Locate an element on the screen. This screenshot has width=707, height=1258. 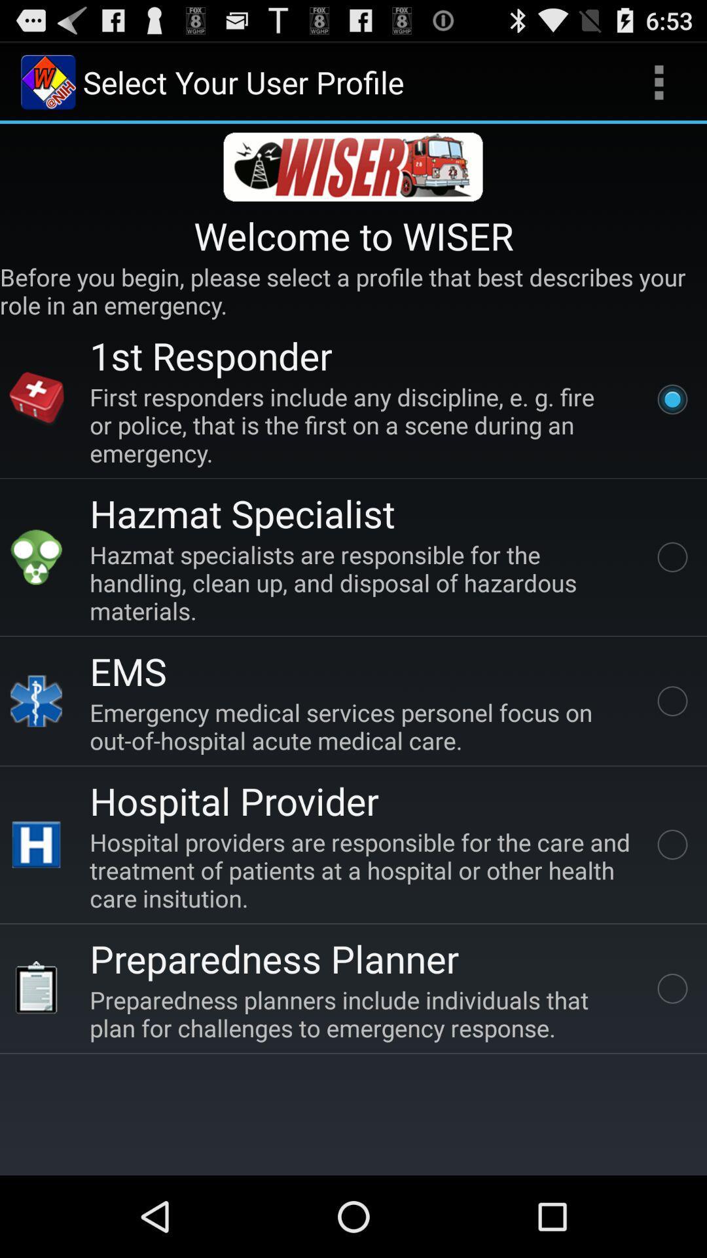
the item below hazmat specialist is located at coordinates (363, 582).